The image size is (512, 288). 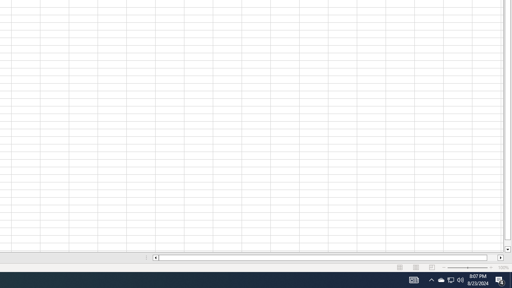 What do you see at coordinates (490, 268) in the screenshot?
I see `'Zoom In'` at bounding box center [490, 268].